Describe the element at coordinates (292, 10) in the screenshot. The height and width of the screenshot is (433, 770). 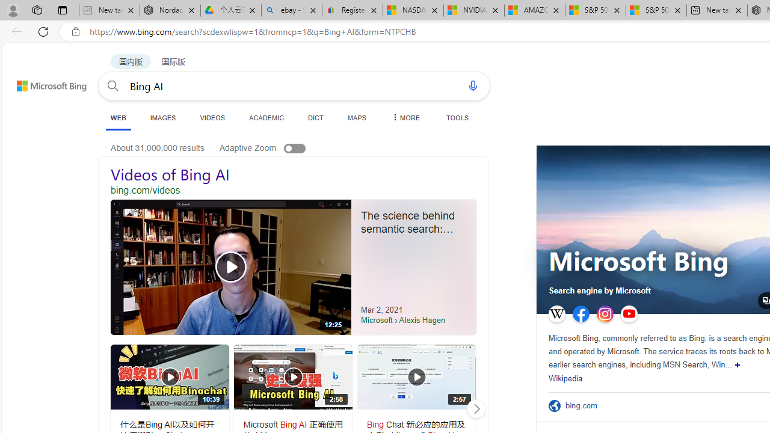
I see `'ebay - Search'` at that location.